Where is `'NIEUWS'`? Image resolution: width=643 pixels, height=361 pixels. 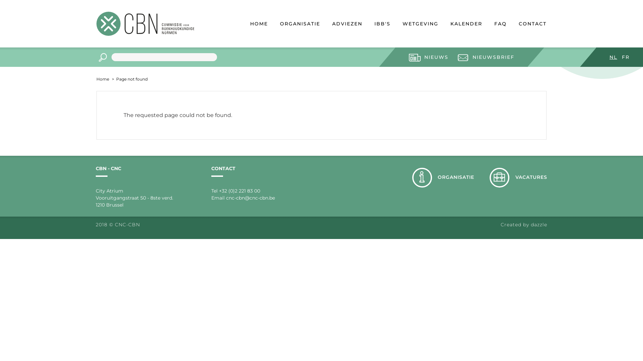
'NIEUWS' is located at coordinates (408, 57).